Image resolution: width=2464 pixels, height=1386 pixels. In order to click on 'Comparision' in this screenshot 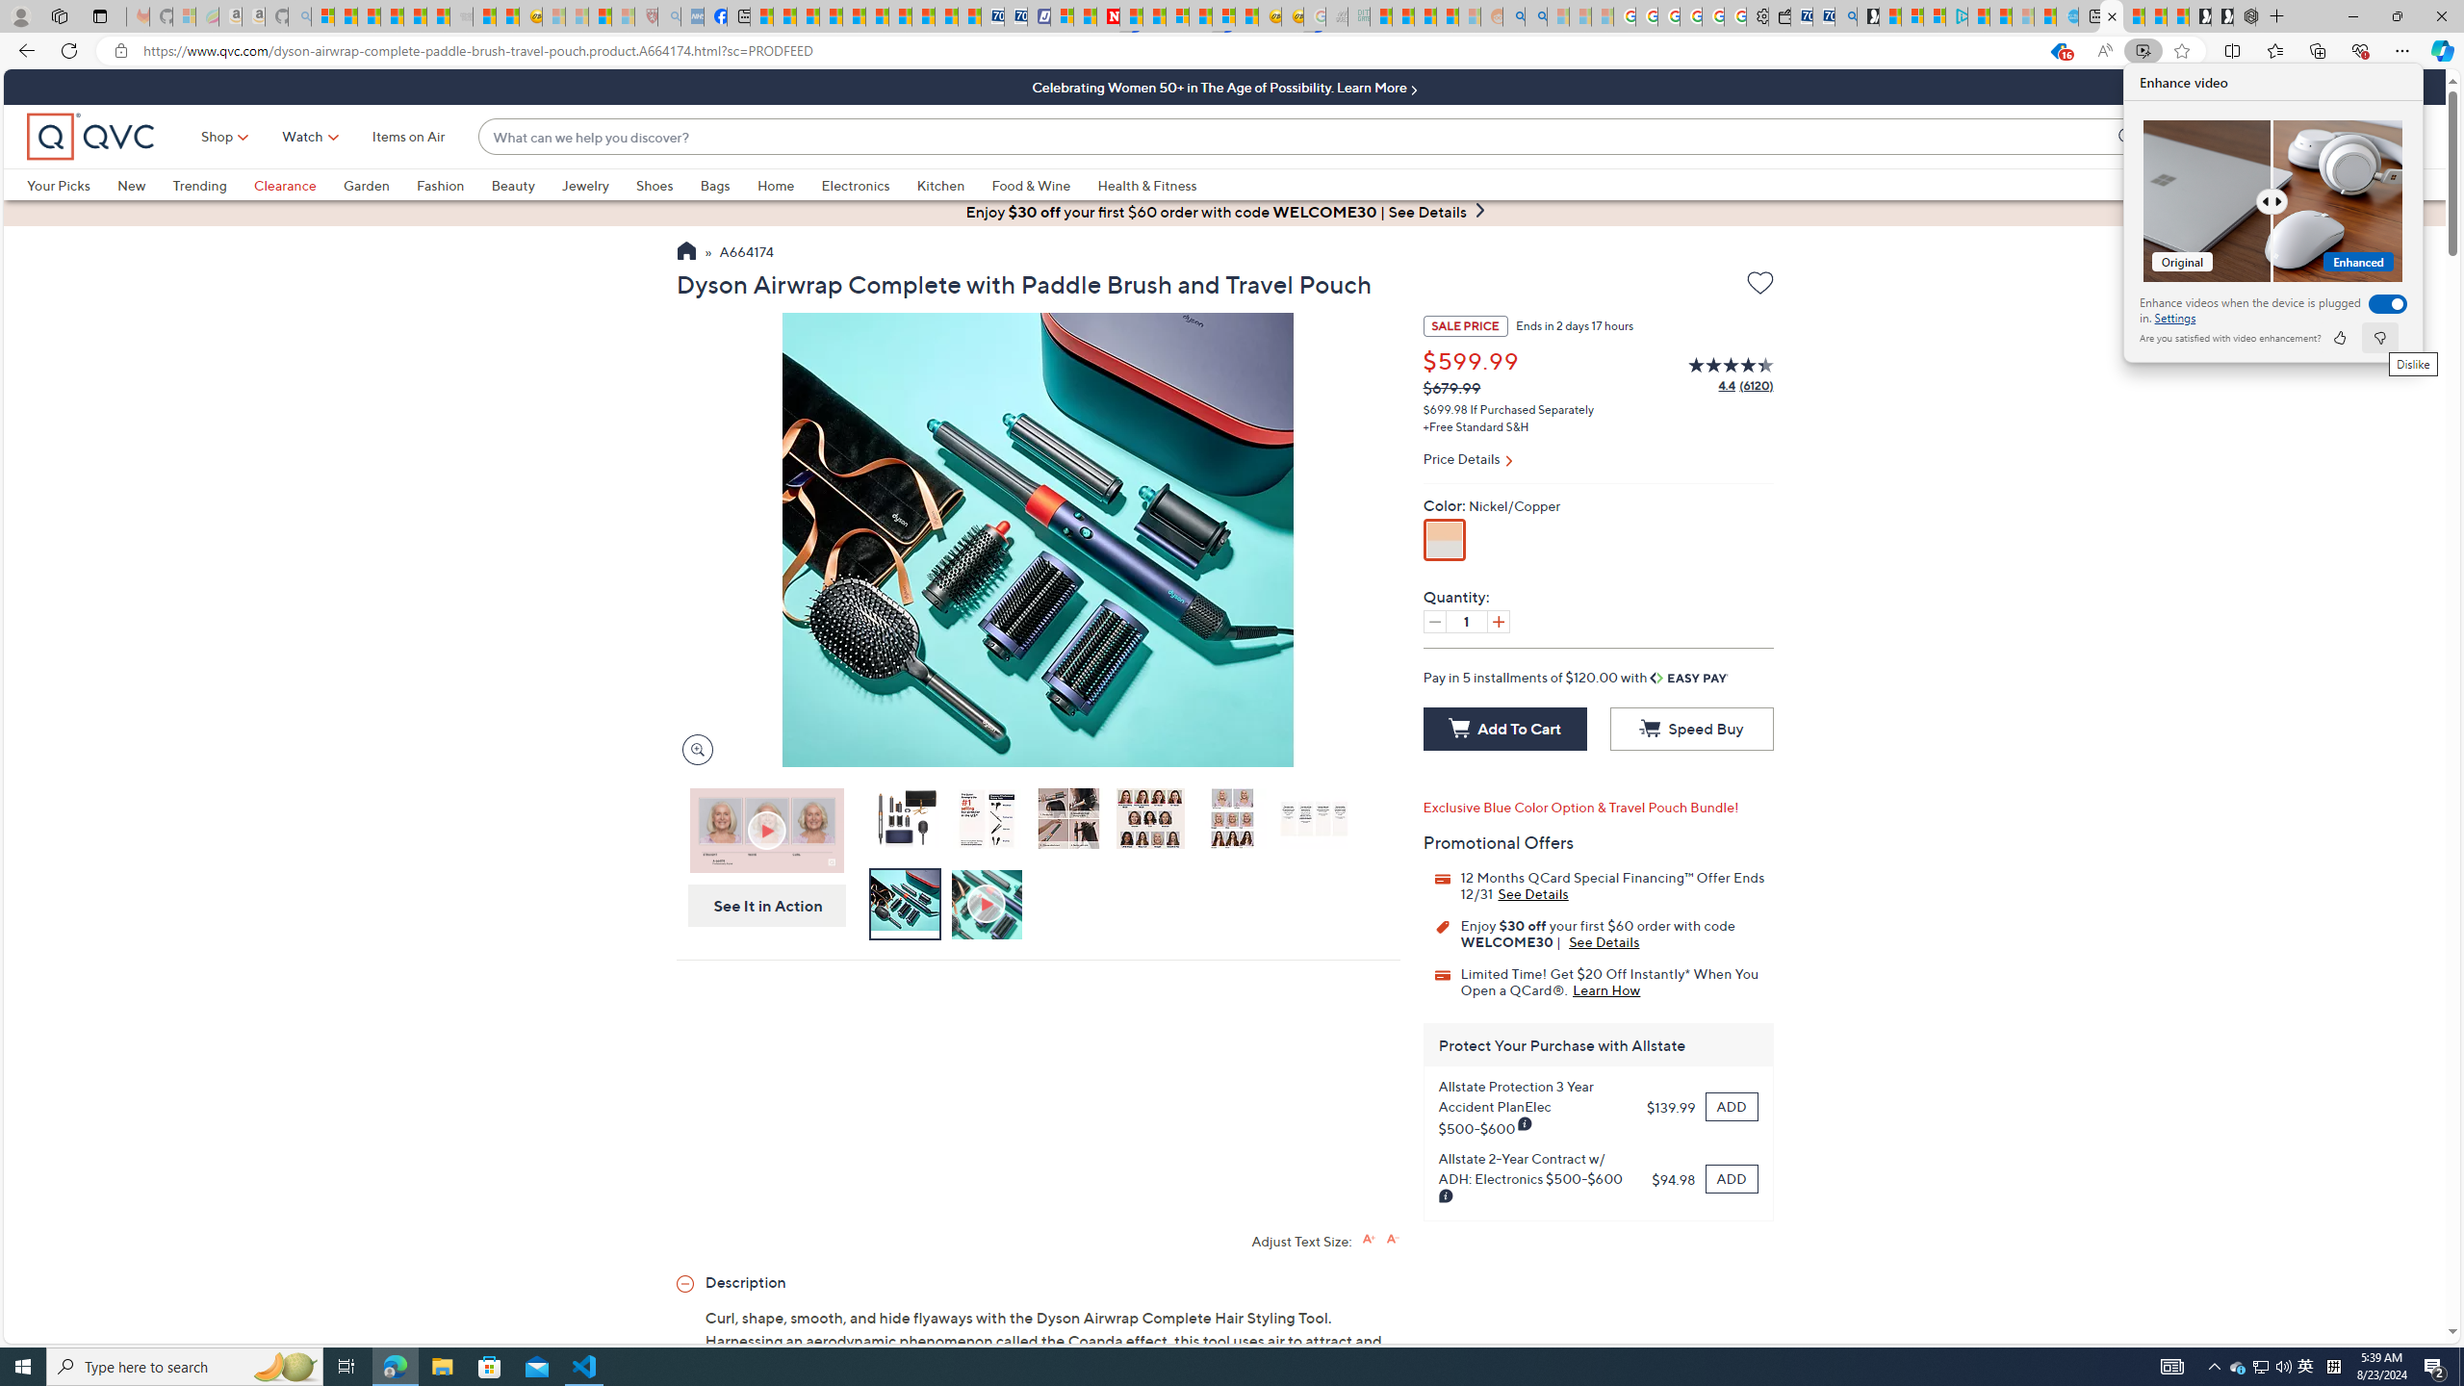, I will do `click(2271, 199)`.